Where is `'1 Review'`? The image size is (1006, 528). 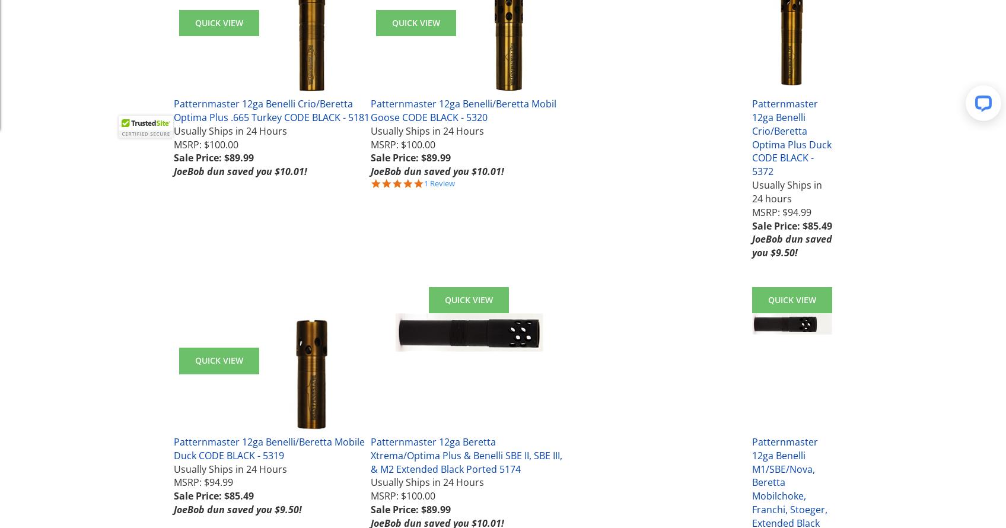 '1 Review' is located at coordinates (438, 183).